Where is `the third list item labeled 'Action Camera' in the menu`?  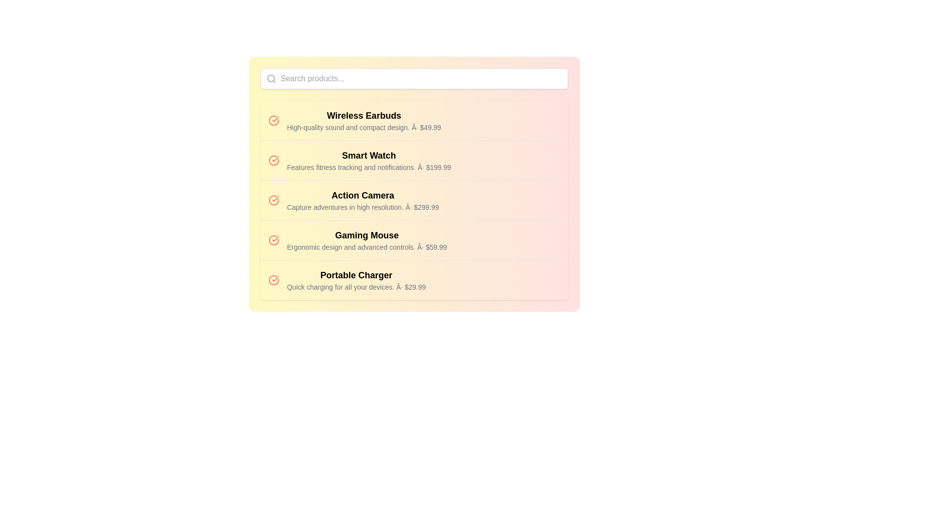
the third list item labeled 'Action Camera' in the menu is located at coordinates (414, 200).